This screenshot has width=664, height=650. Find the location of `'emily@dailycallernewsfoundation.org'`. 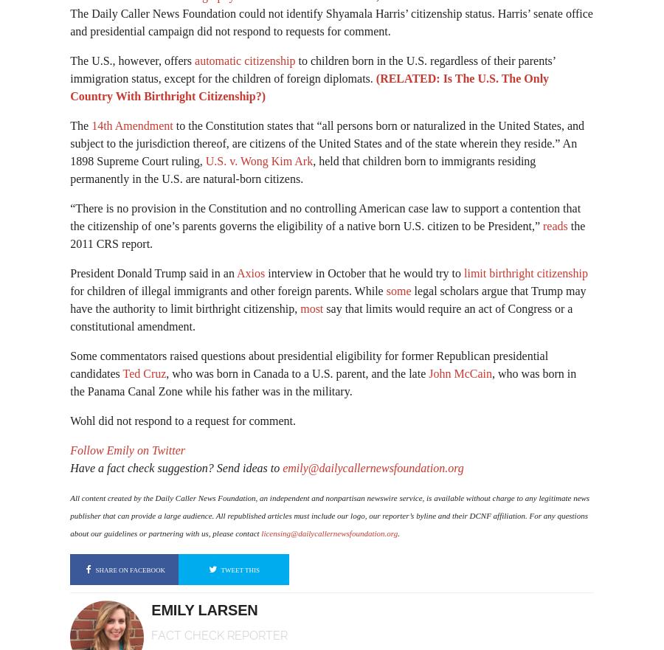

'emily@dailycallernewsfoundation.org' is located at coordinates (372, 467).